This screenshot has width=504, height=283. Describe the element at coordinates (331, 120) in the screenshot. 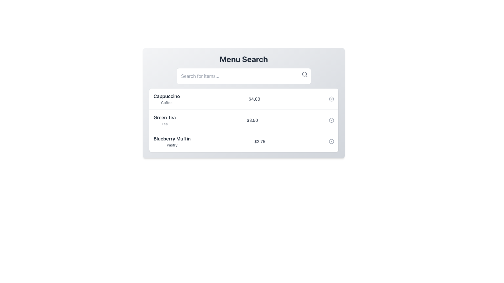

I see `the circular SVG icon located in the middle right of the list item for 'Green Tea', adjacent to its price of $3.50, inside the delete button` at that location.